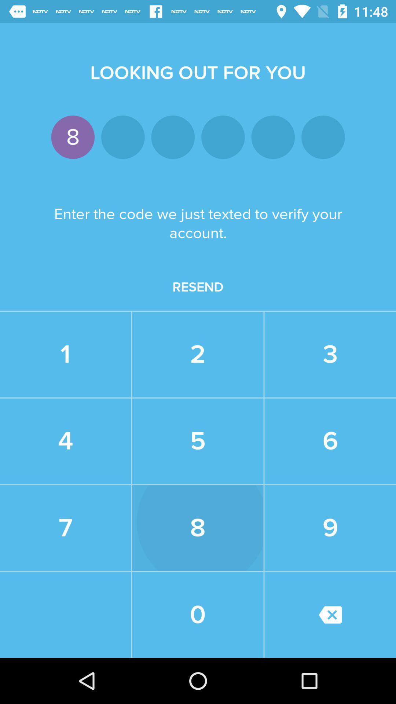  I want to click on 3 item, so click(330, 355).